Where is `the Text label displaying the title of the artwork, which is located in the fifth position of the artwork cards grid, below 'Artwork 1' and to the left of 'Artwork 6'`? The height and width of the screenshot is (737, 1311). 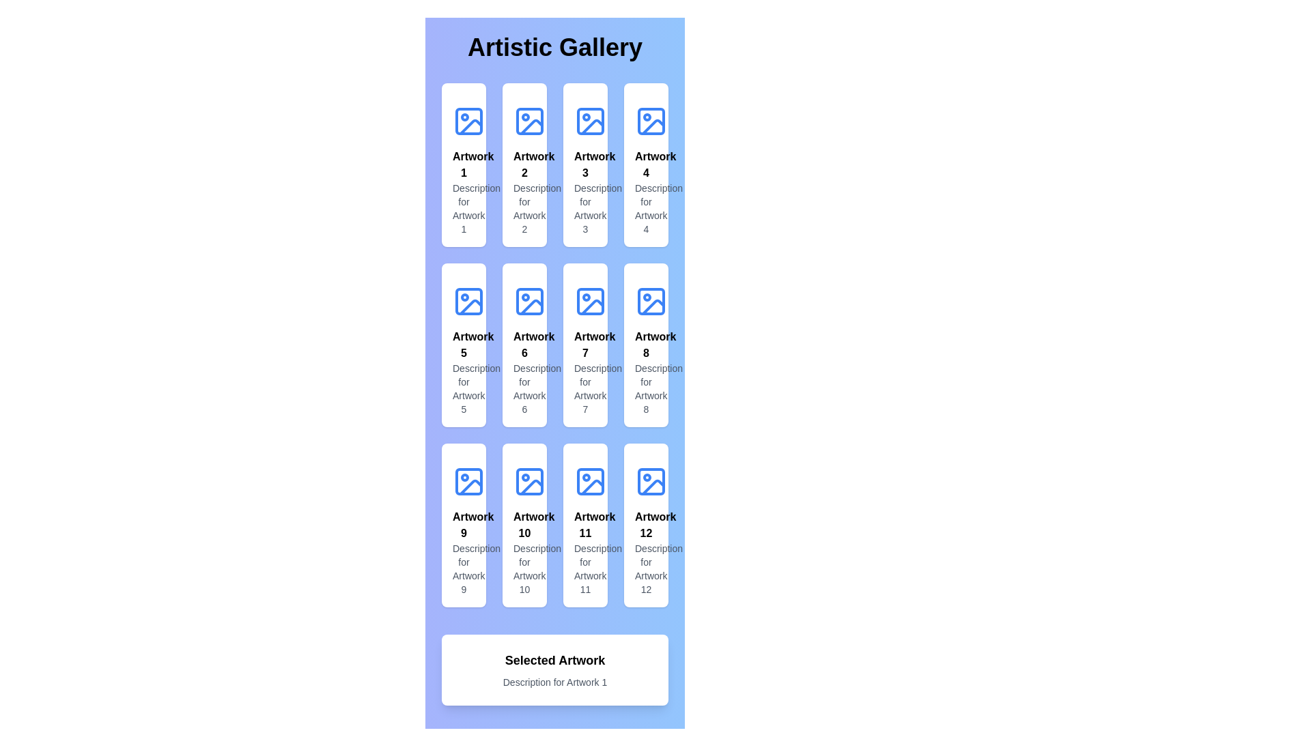
the Text label displaying the title of the artwork, which is located in the fifth position of the artwork cards grid, below 'Artwork 1' and to the left of 'Artwork 6' is located at coordinates (464, 344).